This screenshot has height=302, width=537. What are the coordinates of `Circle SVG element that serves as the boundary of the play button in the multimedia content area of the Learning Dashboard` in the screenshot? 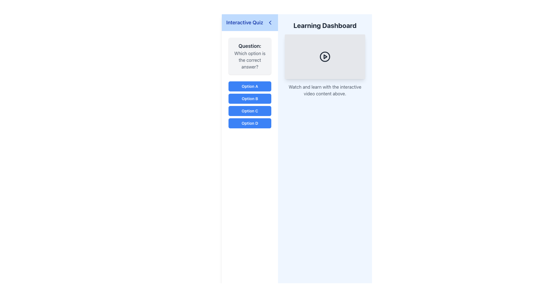 It's located at (325, 57).